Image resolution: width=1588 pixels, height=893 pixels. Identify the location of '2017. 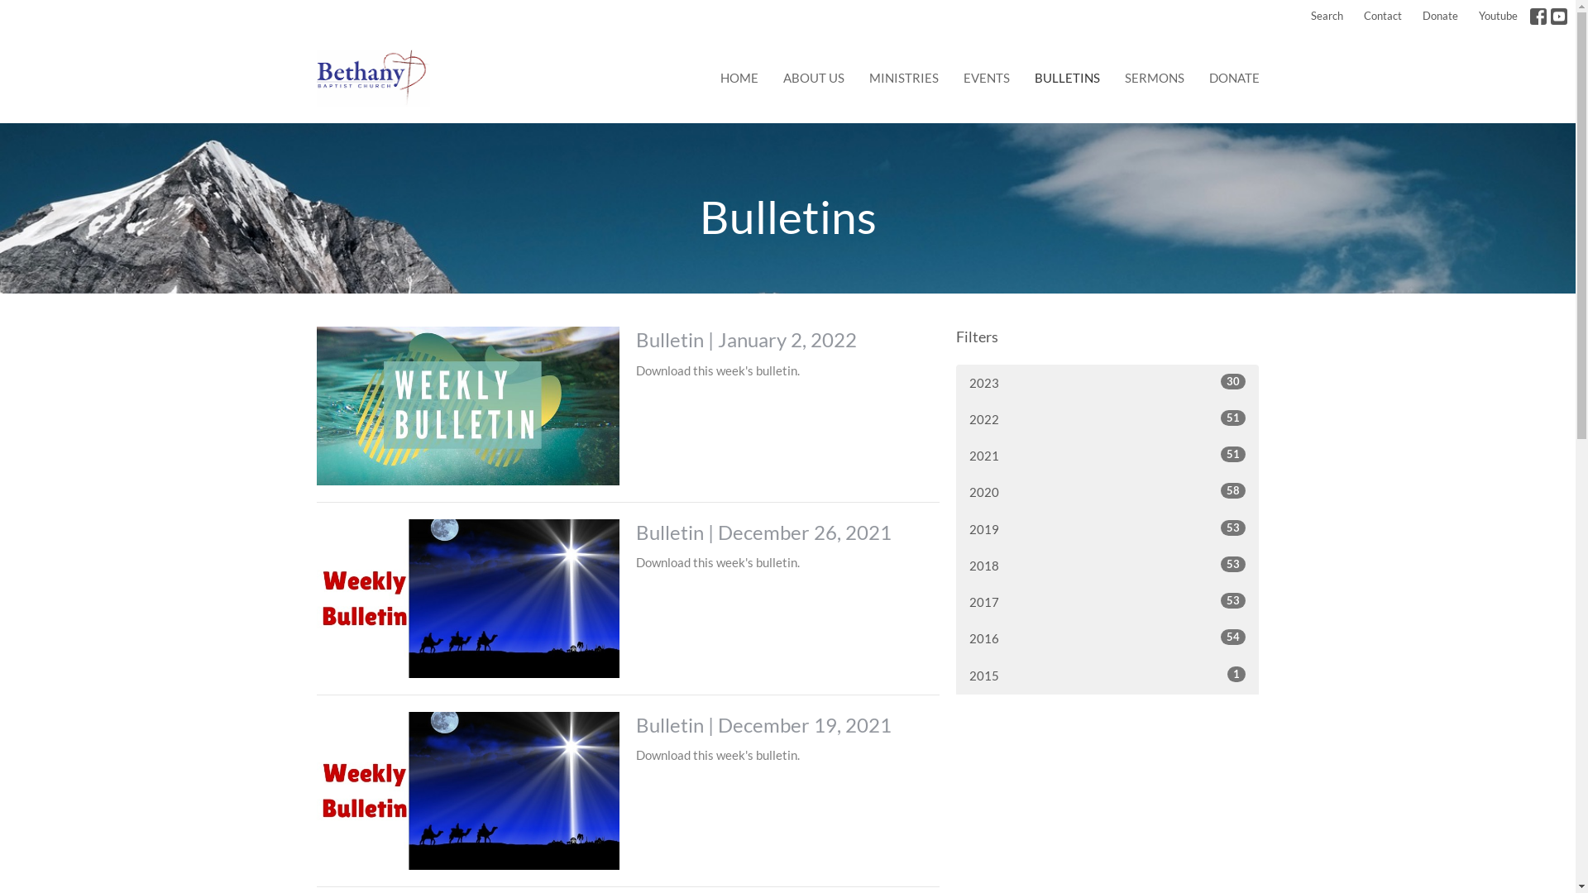
(1107, 602).